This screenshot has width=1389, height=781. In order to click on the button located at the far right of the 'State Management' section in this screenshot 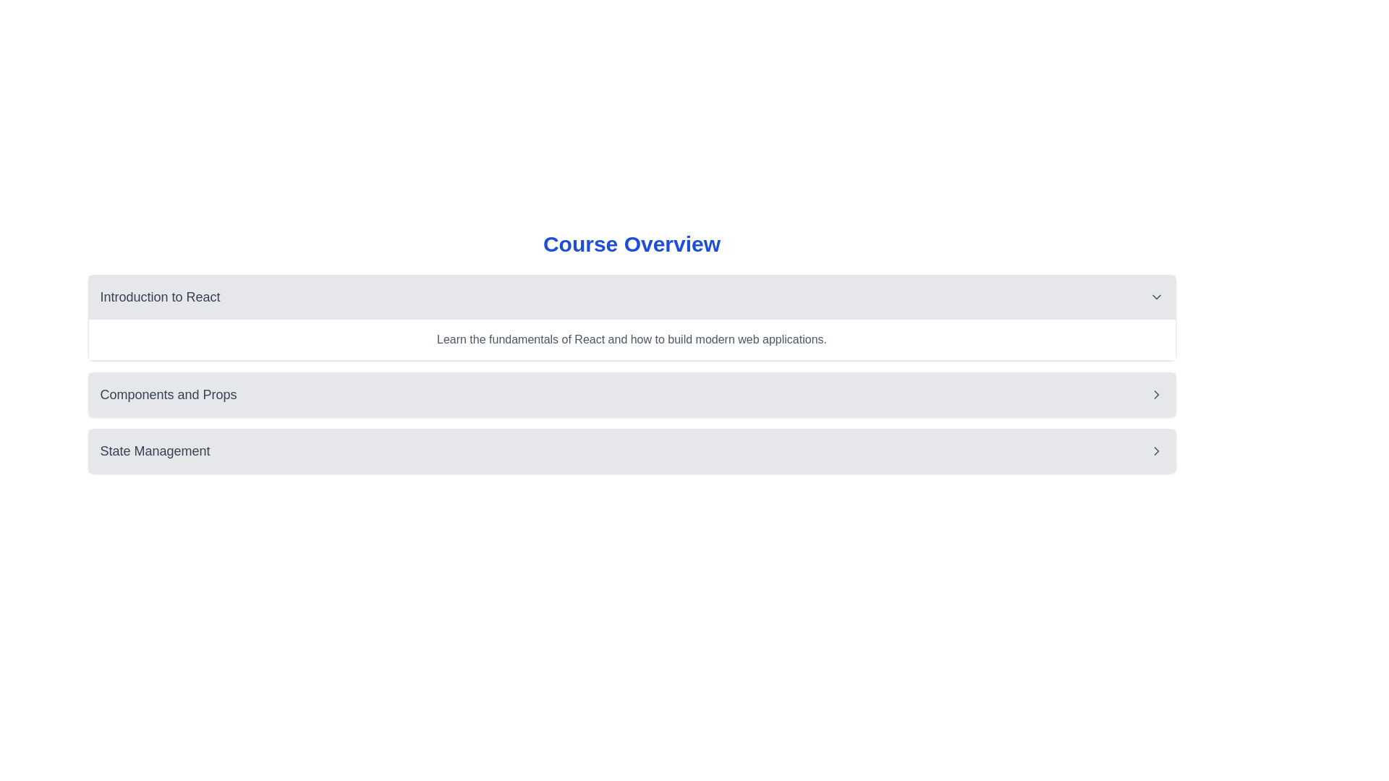, I will do `click(1155, 451)`.